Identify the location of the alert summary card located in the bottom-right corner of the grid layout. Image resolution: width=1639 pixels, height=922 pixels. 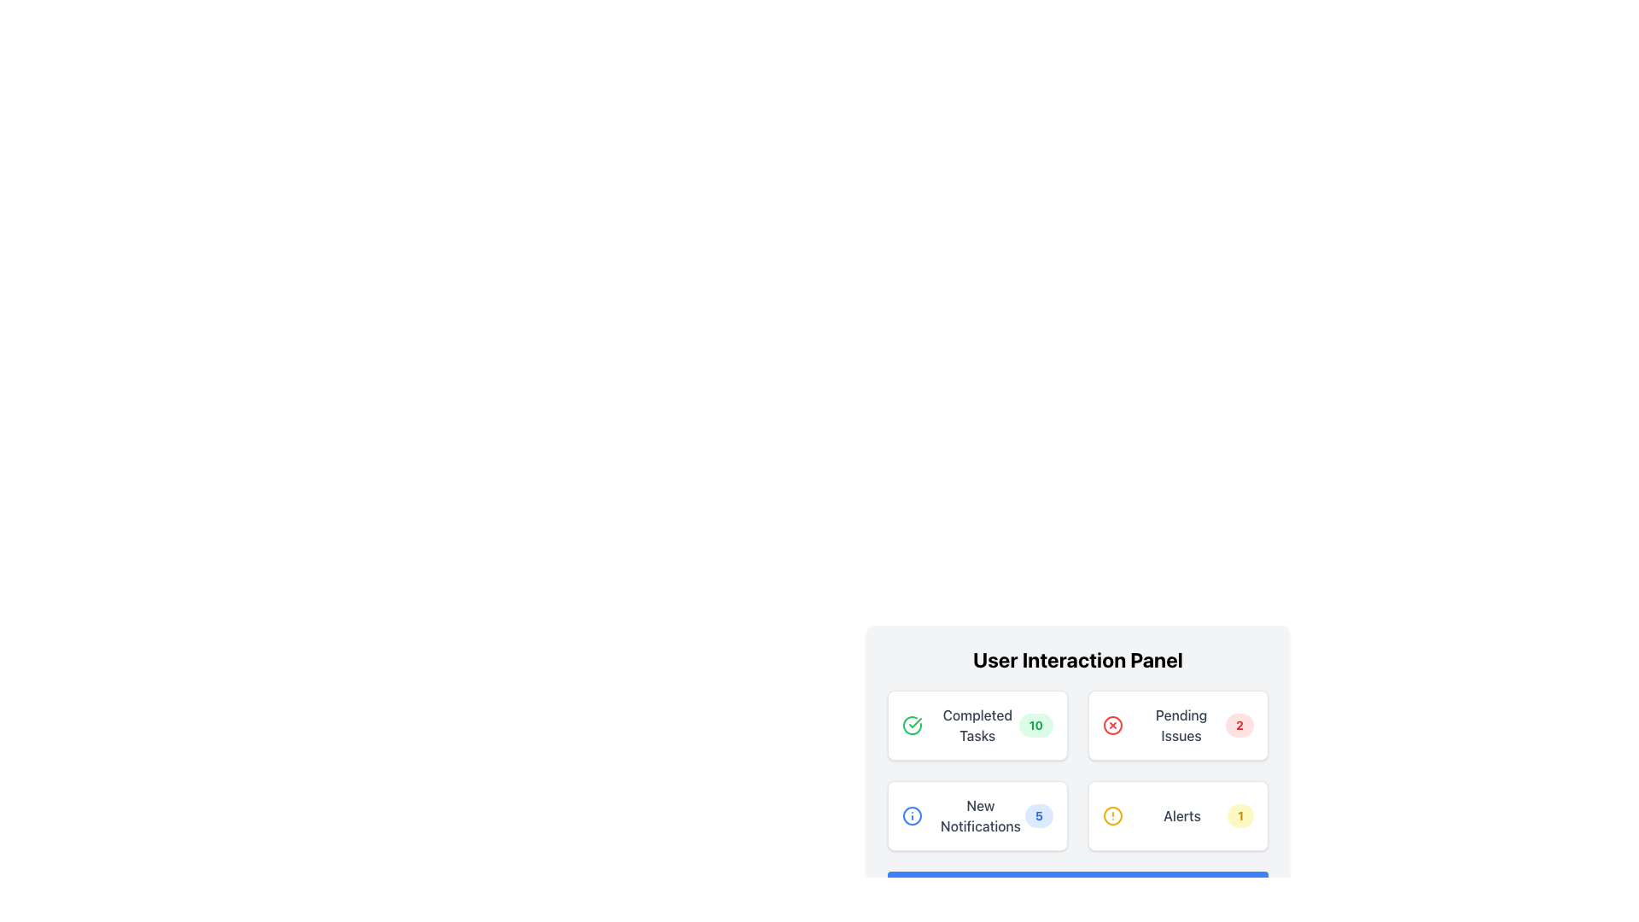
(1177, 815).